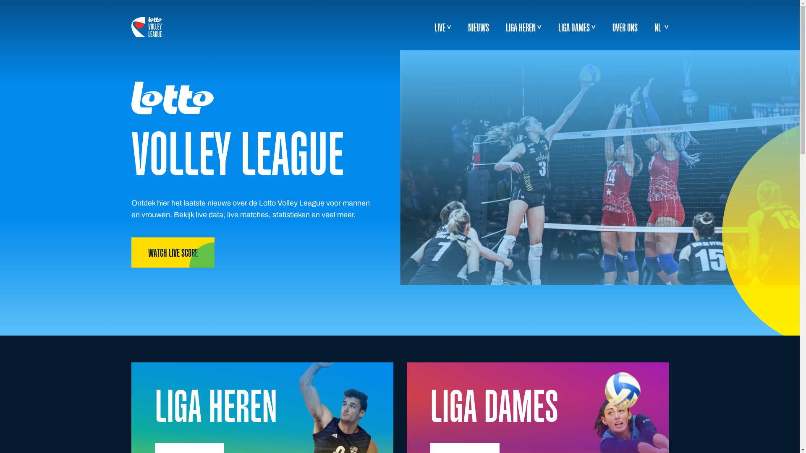 The height and width of the screenshot is (453, 806). Describe the element at coordinates (573, 26) in the screenshot. I see `'LIGA DAMES'` at that location.